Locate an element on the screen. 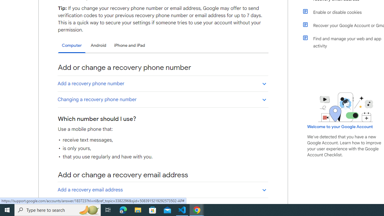 This screenshot has height=216, width=384. 'Changing a recovery email address' is located at coordinates (163, 205).